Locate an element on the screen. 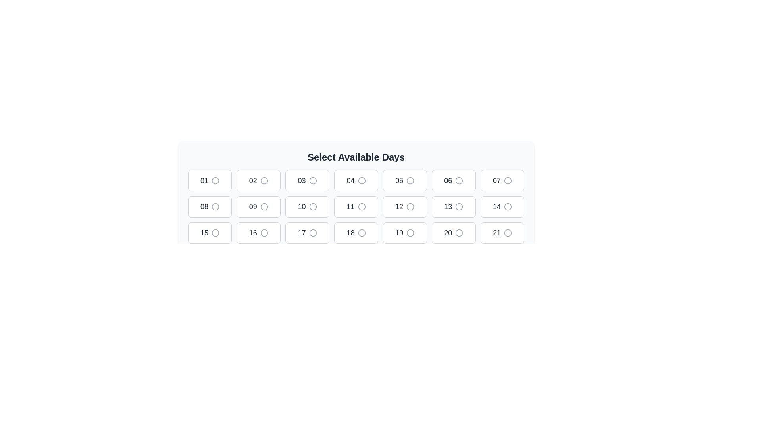 Image resolution: width=762 pixels, height=428 pixels. the text label displaying the number '10' within the date-selection button is located at coordinates (301, 206).